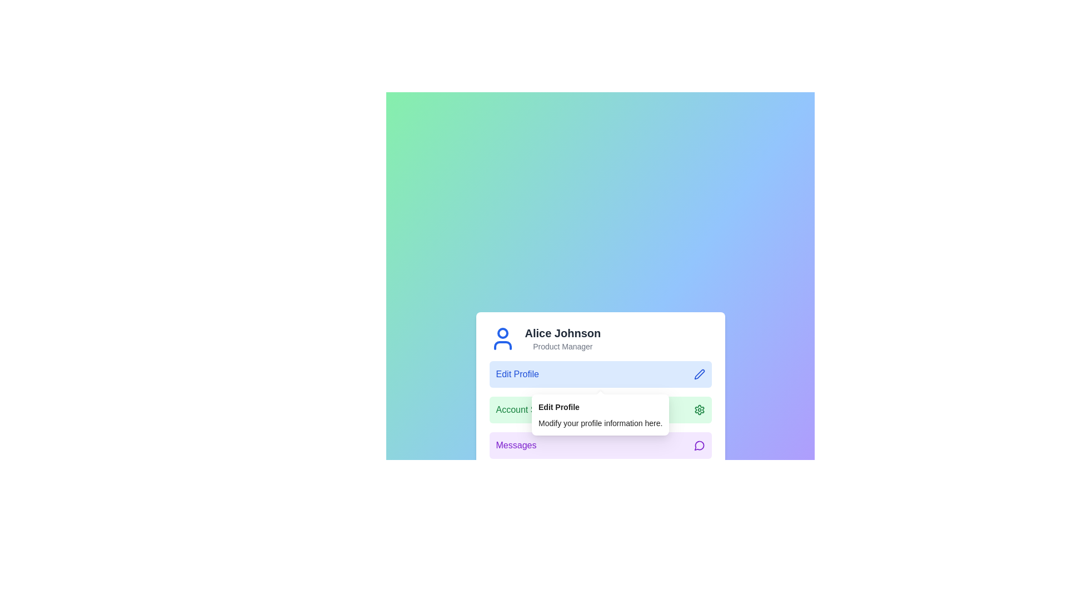  I want to click on the 'Edit Profile' text label, which is prominently displayed in blue on a light blue background, located in the upper half of the user profile card below the username 'Alice Johnson', so click(517, 374).